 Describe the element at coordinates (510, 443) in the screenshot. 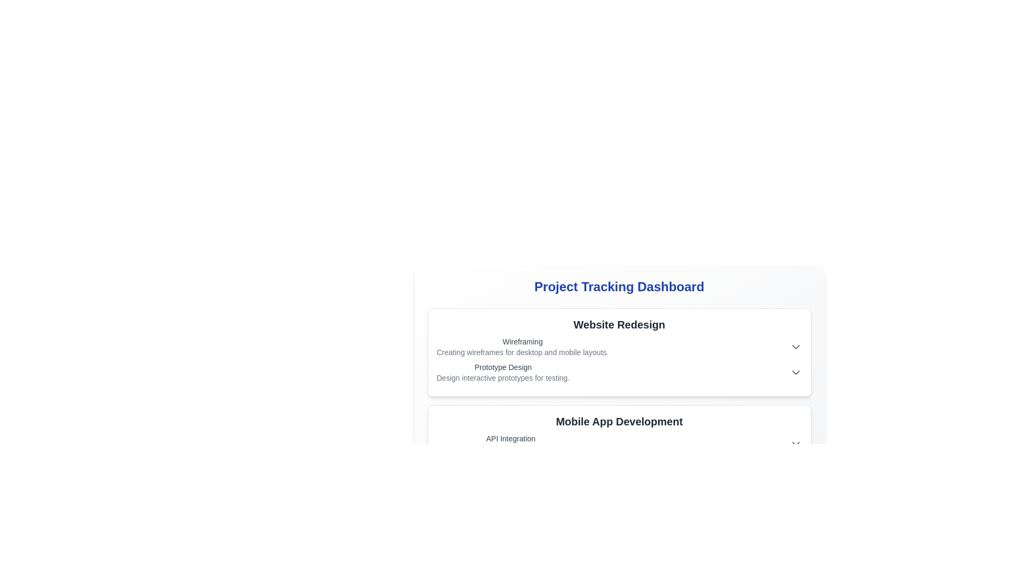

I see `the textual information block that provides descriptive information about the 'API Integration' task in the 'Mobile App Development' section of the 'Project Tracking Dashboard'` at that location.